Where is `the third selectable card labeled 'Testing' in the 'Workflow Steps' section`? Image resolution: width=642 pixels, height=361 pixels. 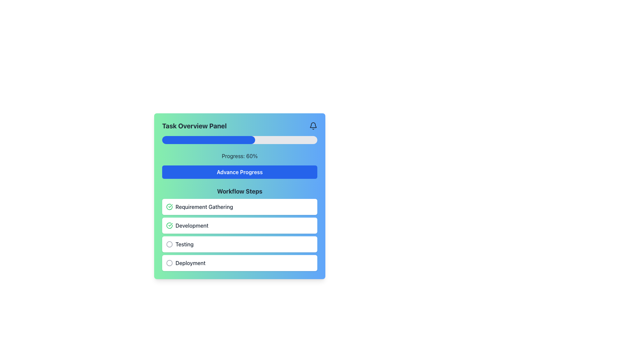
the third selectable card labeled 'Testing' in the 'Workflow Steps' section is located at coordinates (239, 244).